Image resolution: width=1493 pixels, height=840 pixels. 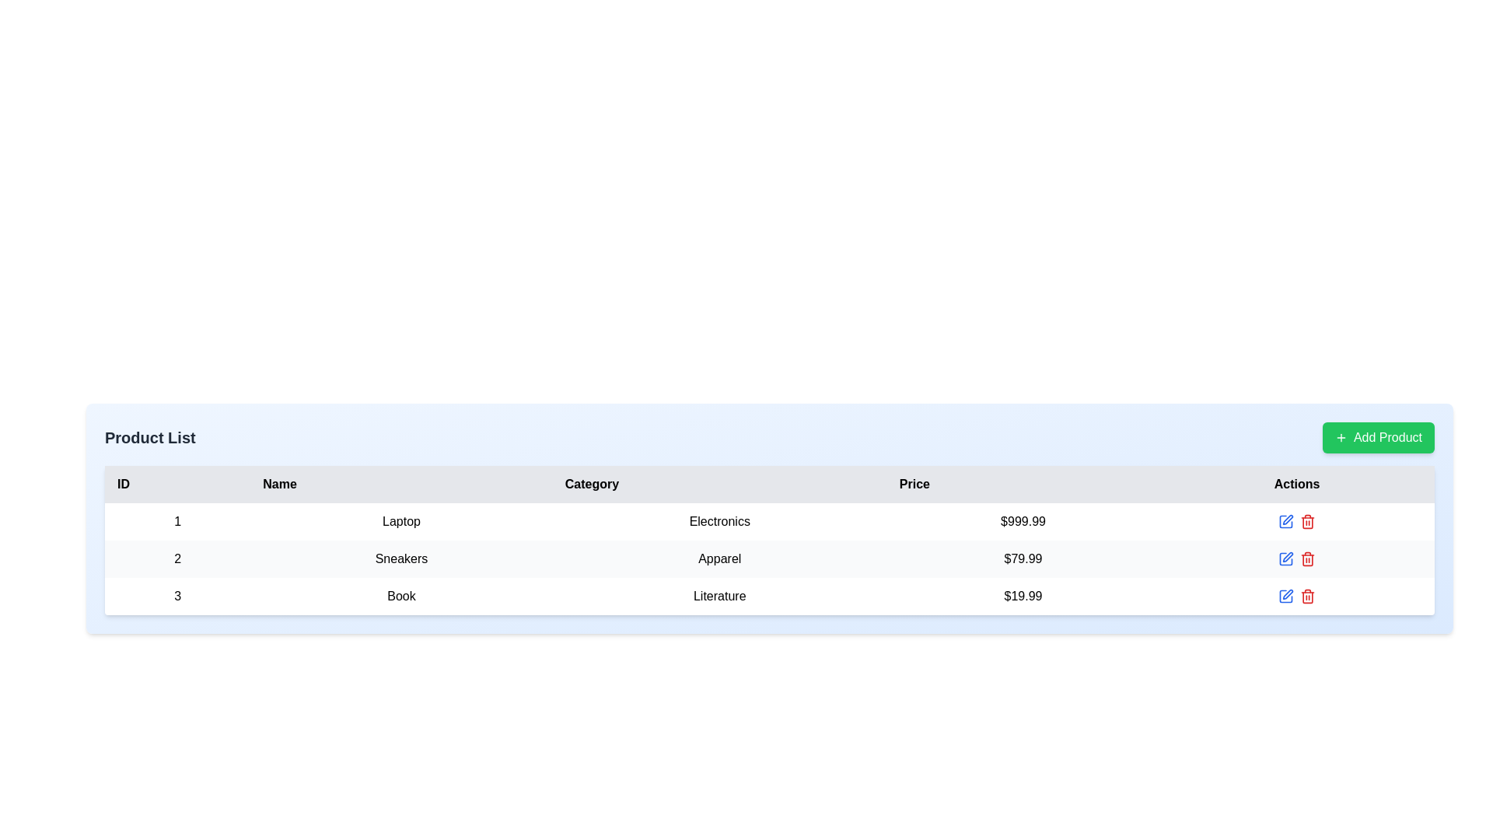 I want to click on the trash icon in the 'Actions' column of the third row of the product list table, which represents a delete action, so click(x=1307, y=560).